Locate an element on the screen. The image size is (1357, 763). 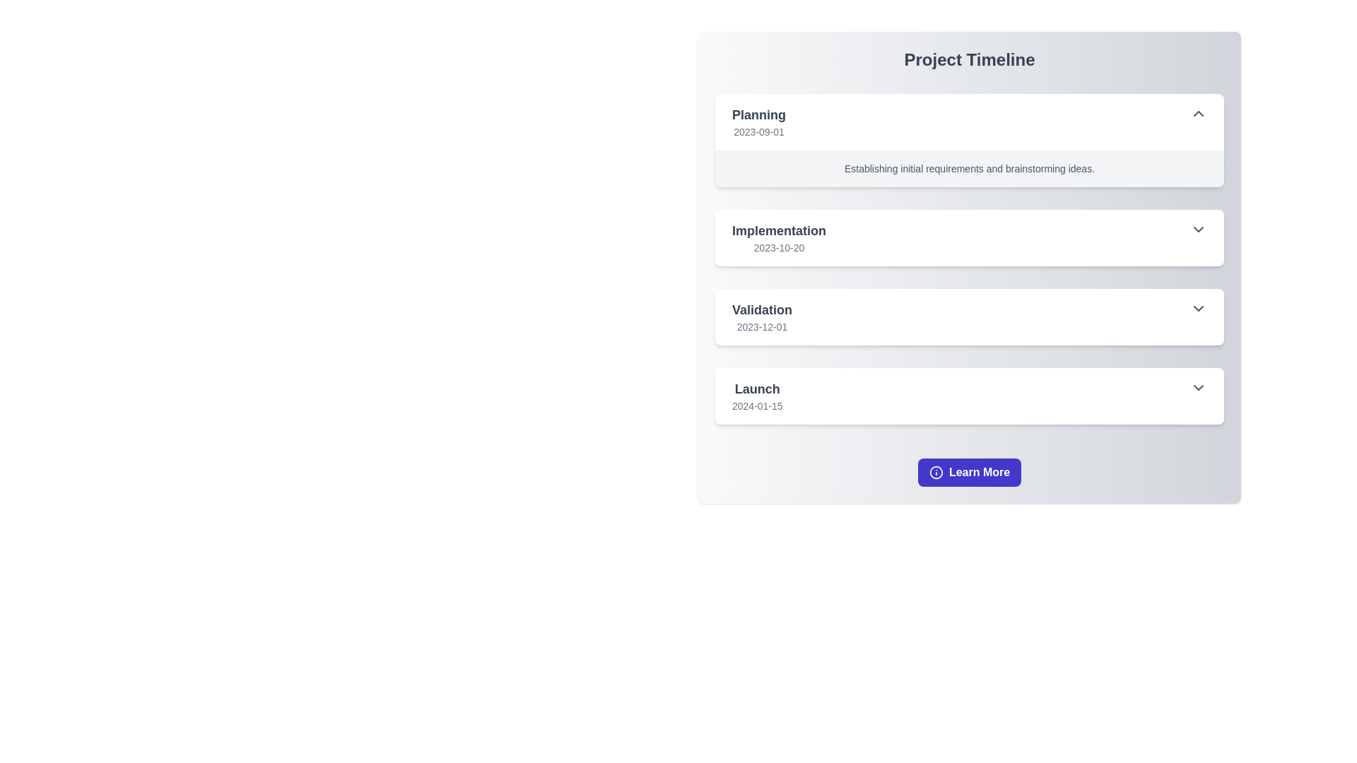
the textual label displaying 'Planning' with the date '2023-09-01' in a vertically arranged list of timeline stages is located at coordinates (758, 122).